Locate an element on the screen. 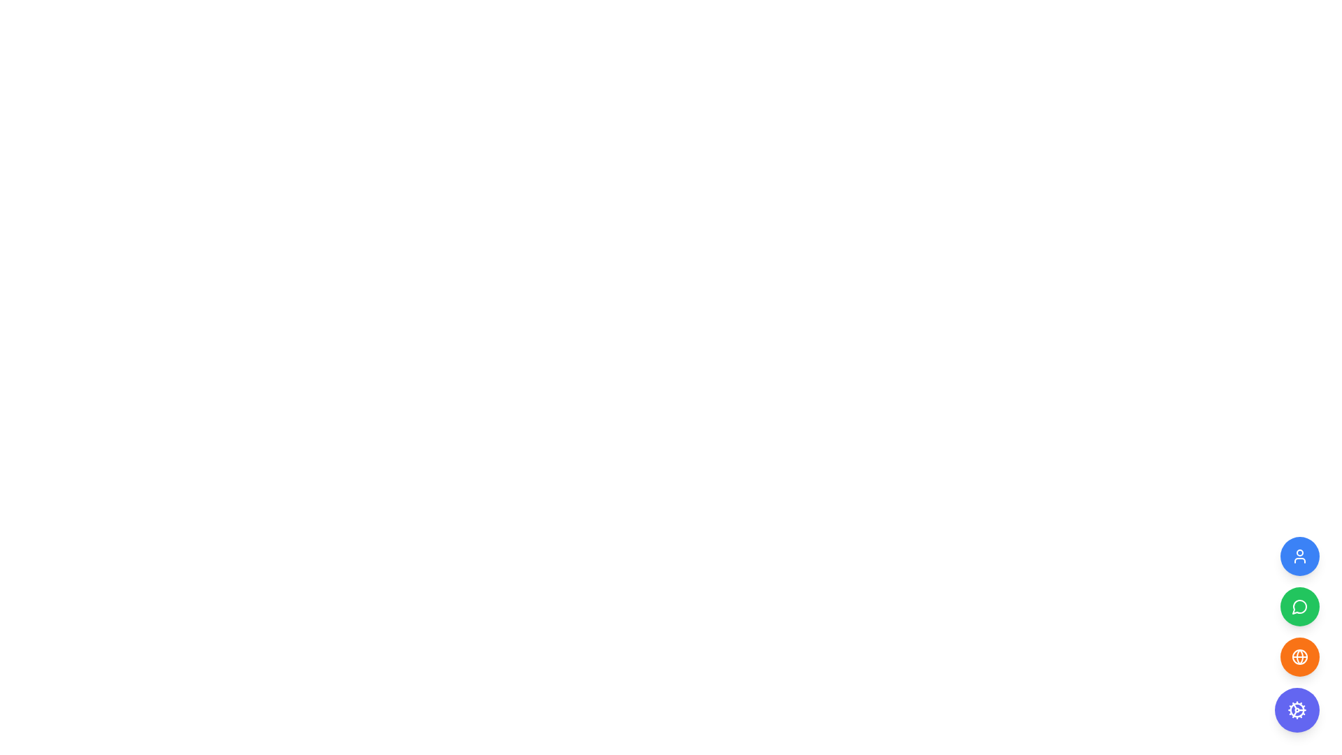 Image resolution: width=1342 pixels, height=755 pixels. the green circular icon button depicting a speech bubble outline is located at coordinates (1299, 605).